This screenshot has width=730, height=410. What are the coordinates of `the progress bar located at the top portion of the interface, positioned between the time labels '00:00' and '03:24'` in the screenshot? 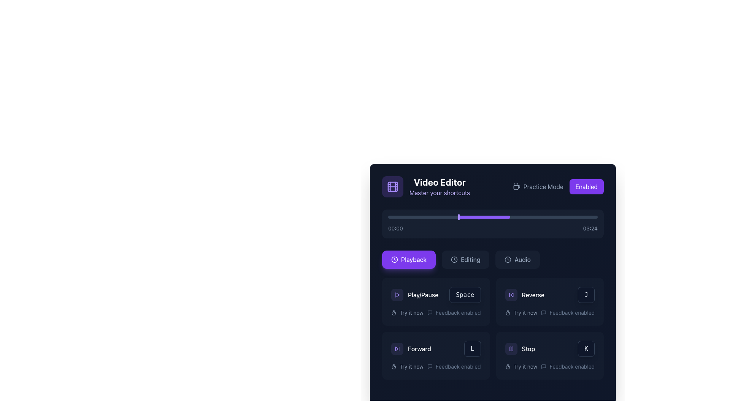 It's located at (484, 217).